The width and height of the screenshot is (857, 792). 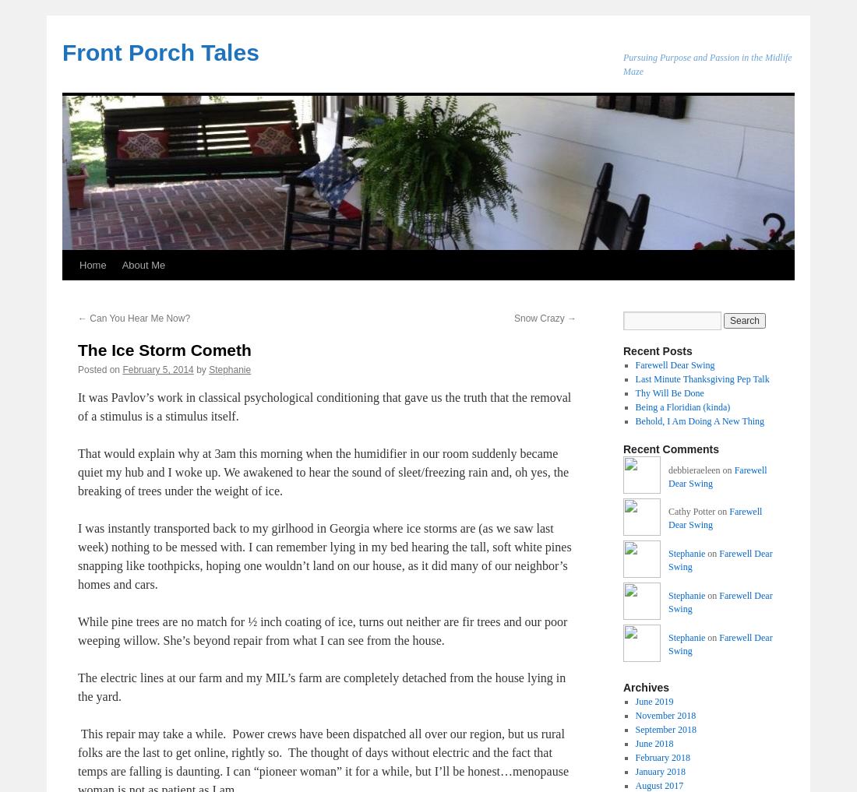 What do you see at coordinates (321, 687) in the screenshot?
I see `'The electric lines at our farm and my MIL’s farm are completely detached from the house lying in the yard.'` at bounding box center [321, 687].